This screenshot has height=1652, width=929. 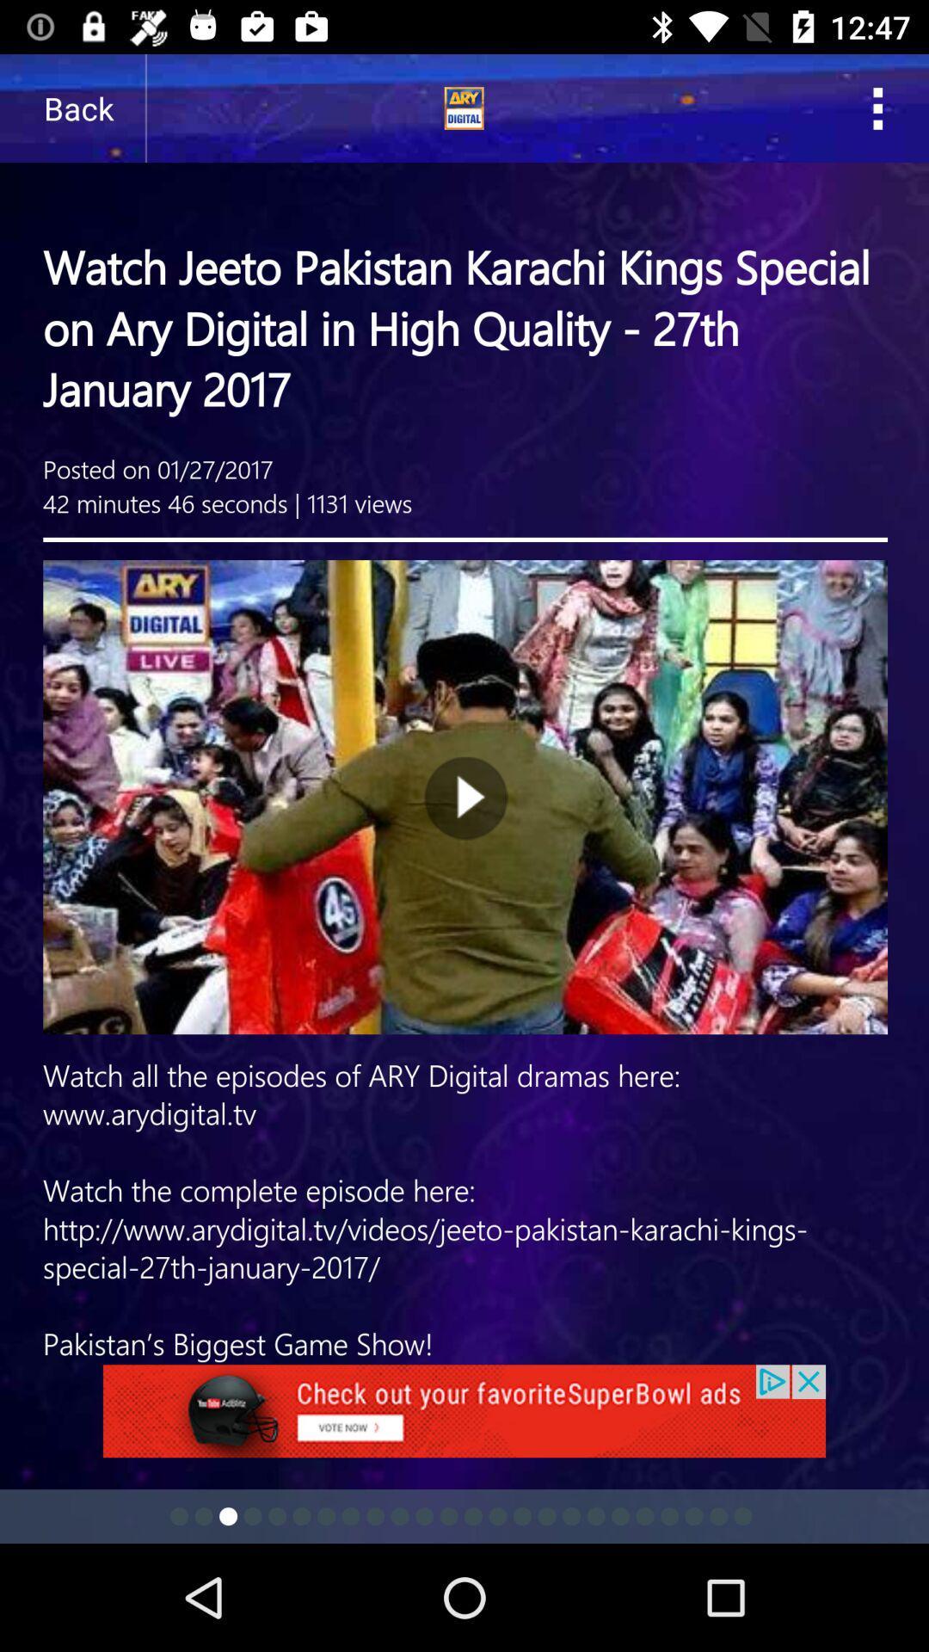 What do you see at coordinates (464, 1421) in the screenshot?
I see `banner advertisement` at bounding box center [464, 1421].